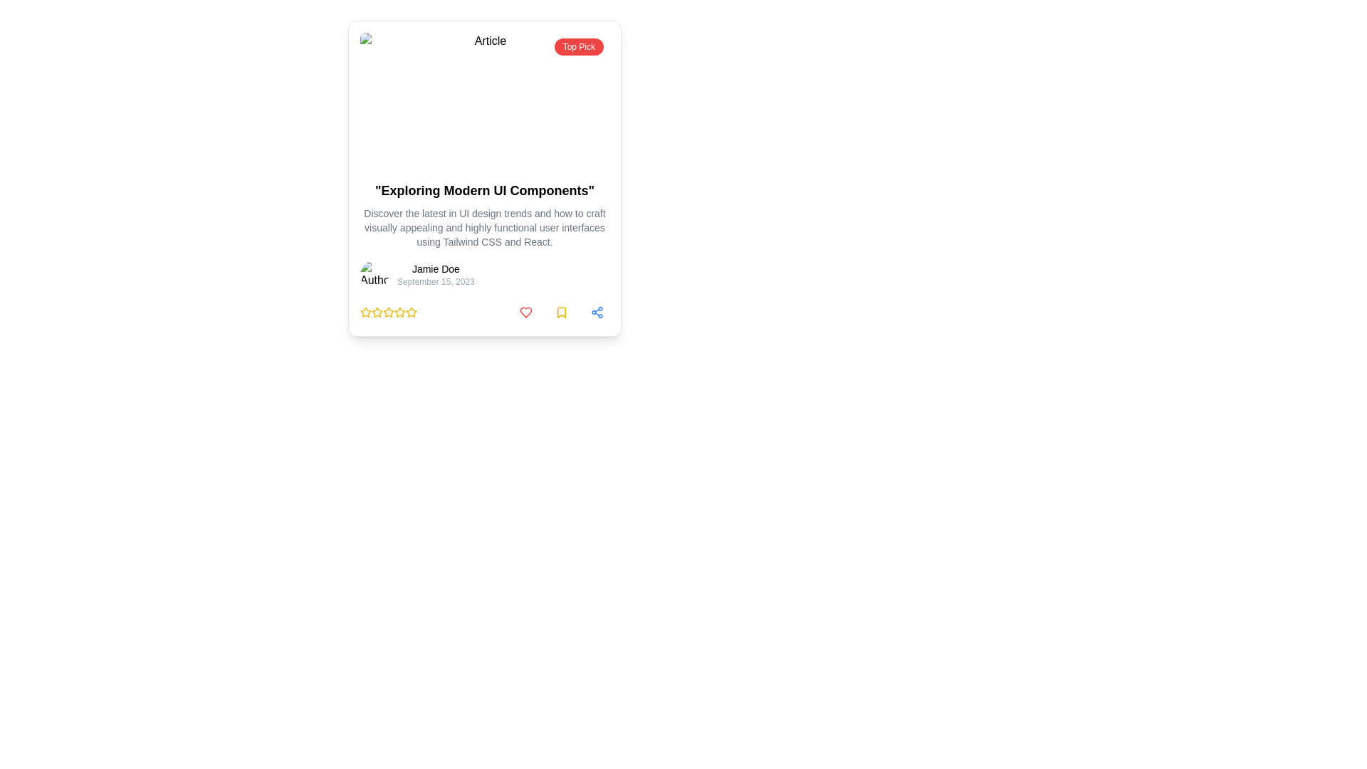  I want to click on the yellow bookmark icon with a rounded background, which is the second icon from the left in a horizontal set of icons at the bottom of the card, so click(560, 312).